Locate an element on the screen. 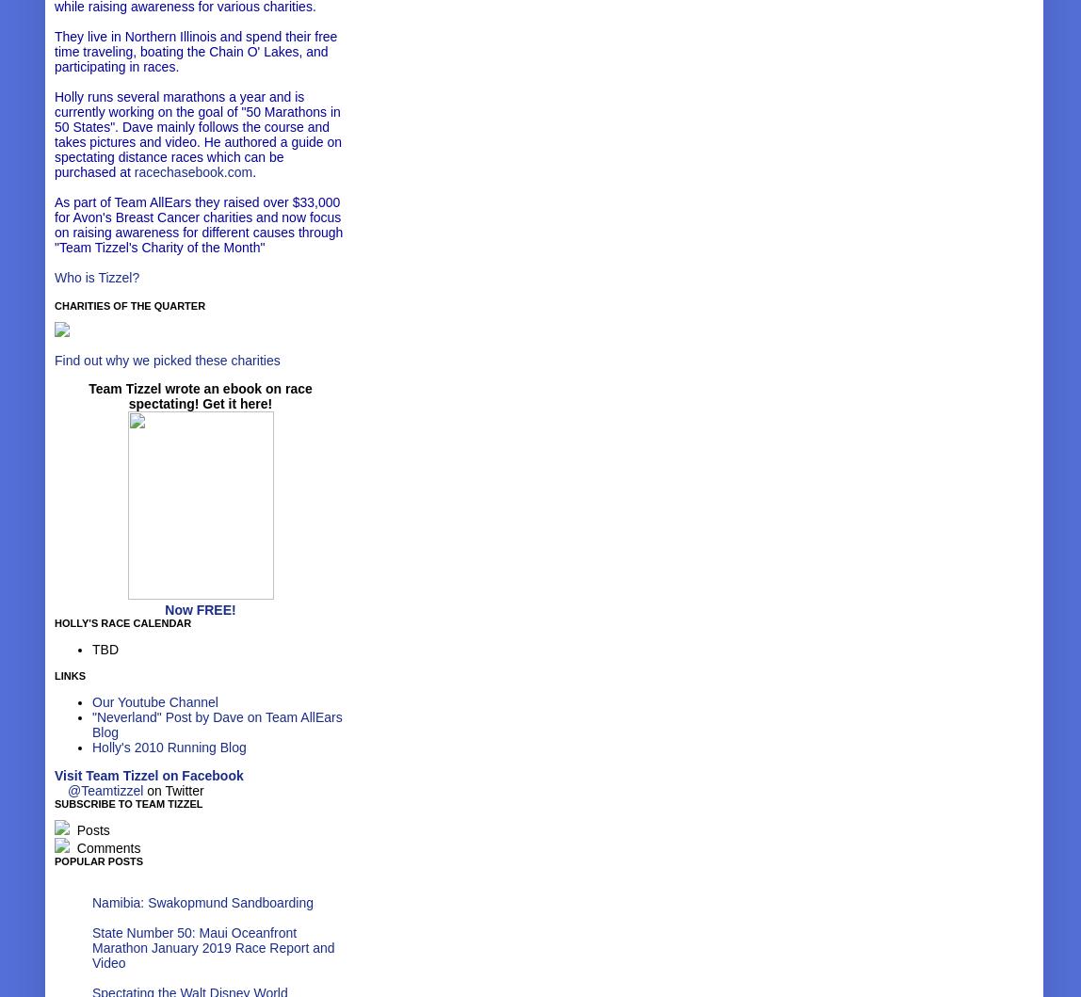 This screenshot has width=1081, height=997. 'Now FREE!' is located at coordinates (200, 609).